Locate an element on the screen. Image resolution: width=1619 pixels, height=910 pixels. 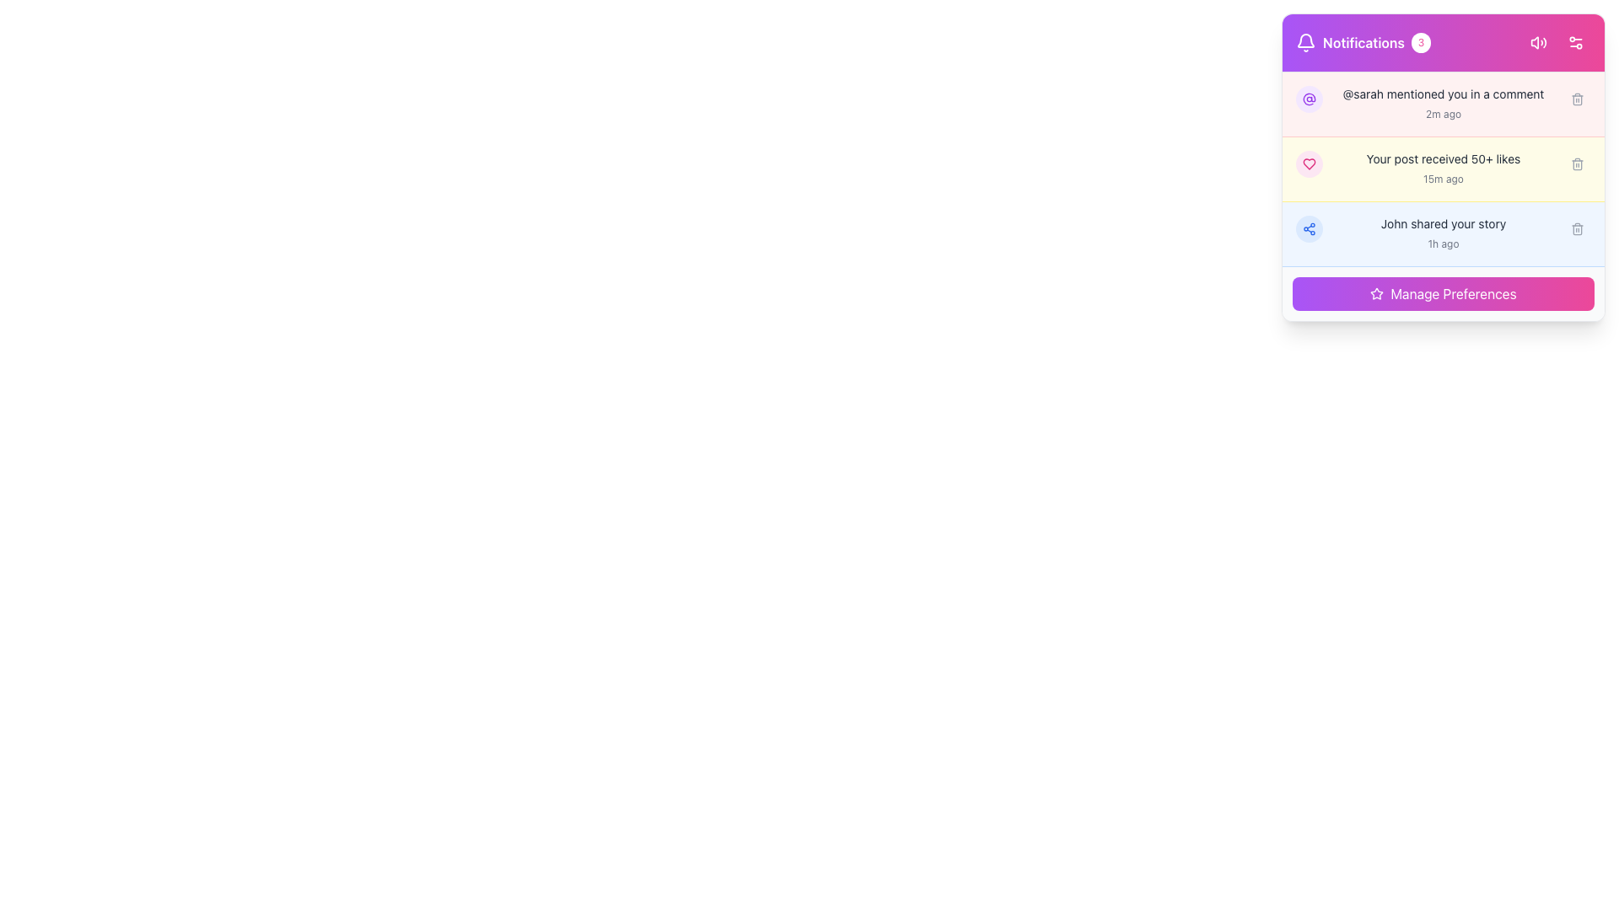
the delete button located to the right of the notification text '@sarah mentioned you in a comment' in the first notification row of the notification panel is located at coordinates (1577, 99).